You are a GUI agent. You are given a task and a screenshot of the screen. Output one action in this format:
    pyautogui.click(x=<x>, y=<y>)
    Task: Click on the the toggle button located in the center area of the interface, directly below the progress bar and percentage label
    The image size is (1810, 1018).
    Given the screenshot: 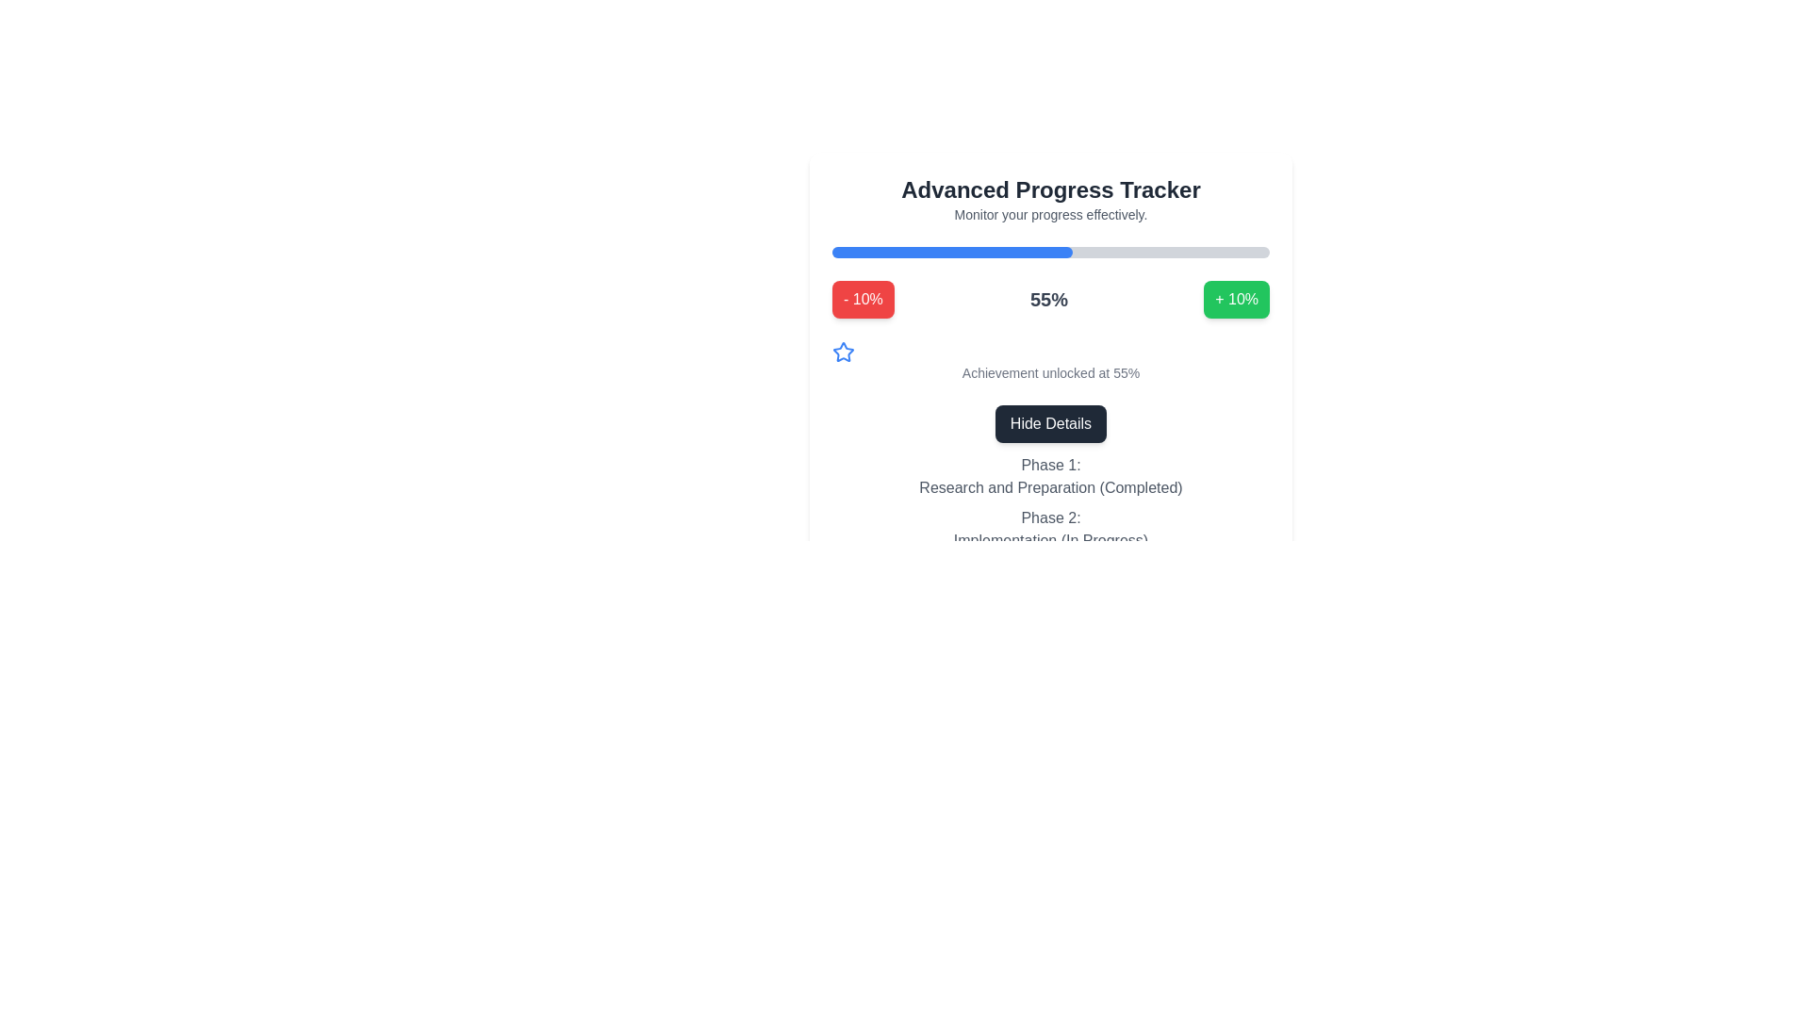 What is the action you would take?
    pyautogui.click(x=1049, y=424)
    